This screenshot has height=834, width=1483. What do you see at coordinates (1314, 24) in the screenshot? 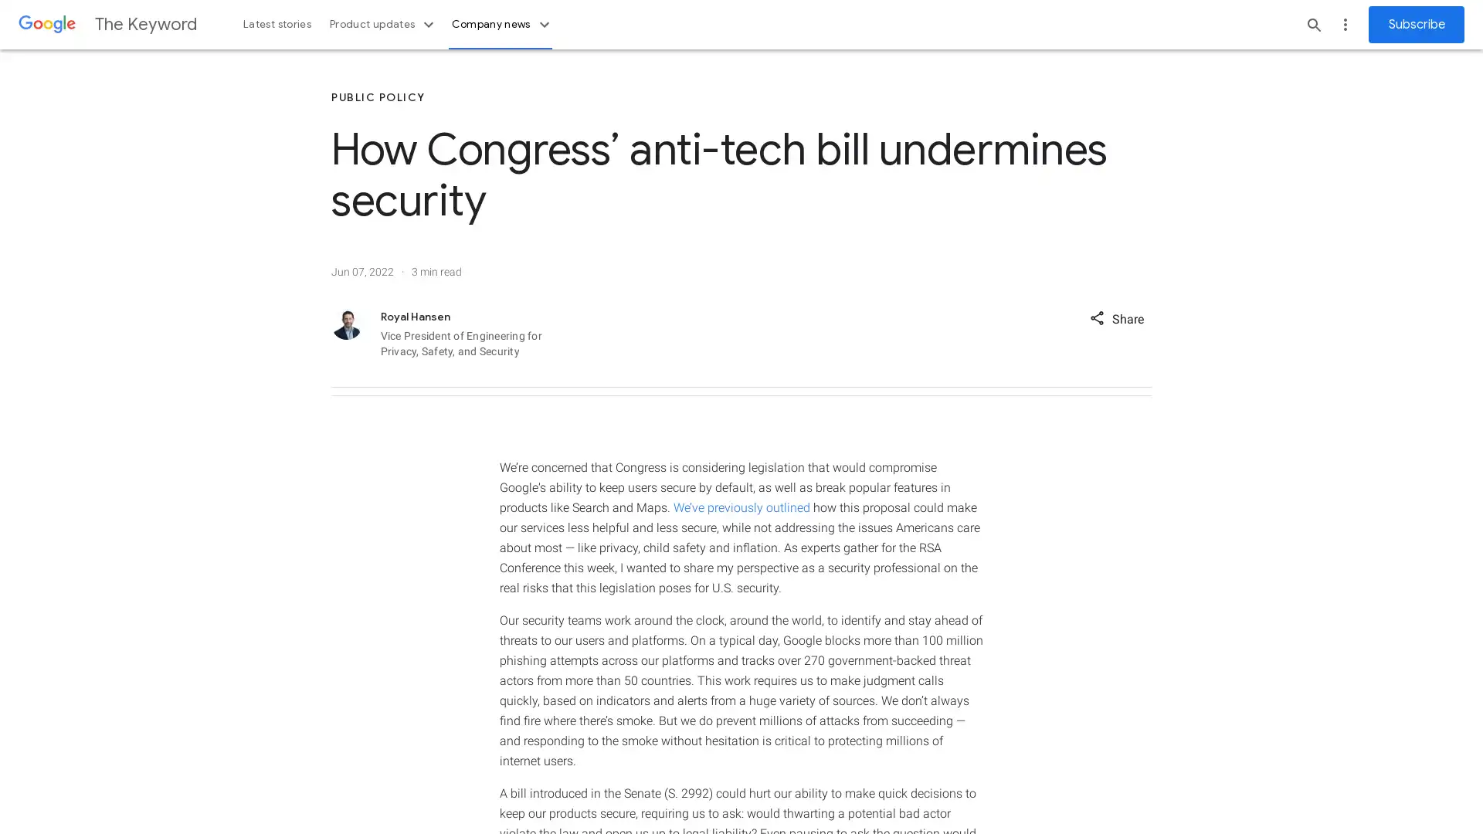
I see `Search` at bounding box center [1314, 24].